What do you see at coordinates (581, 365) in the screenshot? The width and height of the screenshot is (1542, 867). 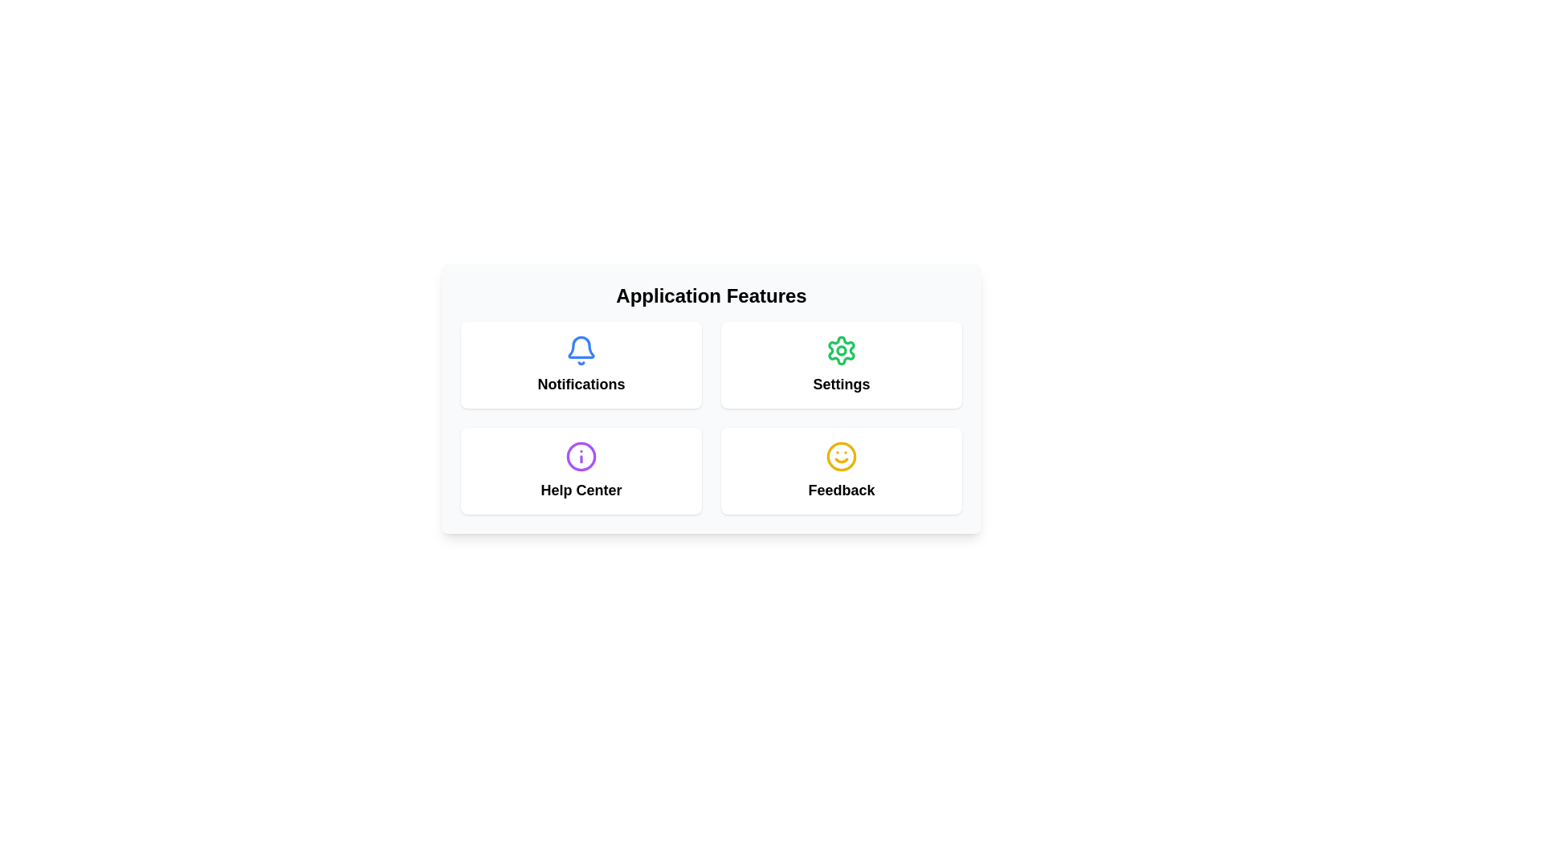 I see `the button styled as a card in the top-left corner of the grid` at bounding box center [581, 365].